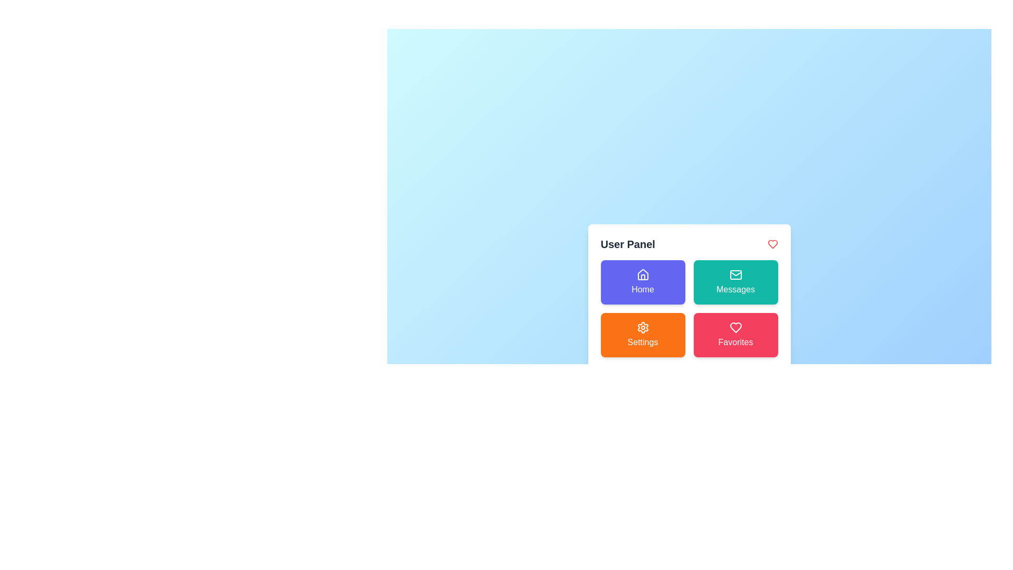 The height and width of the screenshot is (570, 1013). Describe the element at coordinates (642, 327) in the screenshot. I see `the gear-shaped icon with a white outline and transparent interior, located within the orange 'Settings' button in the bottom-left corner of a grid of four buttons` at that location.